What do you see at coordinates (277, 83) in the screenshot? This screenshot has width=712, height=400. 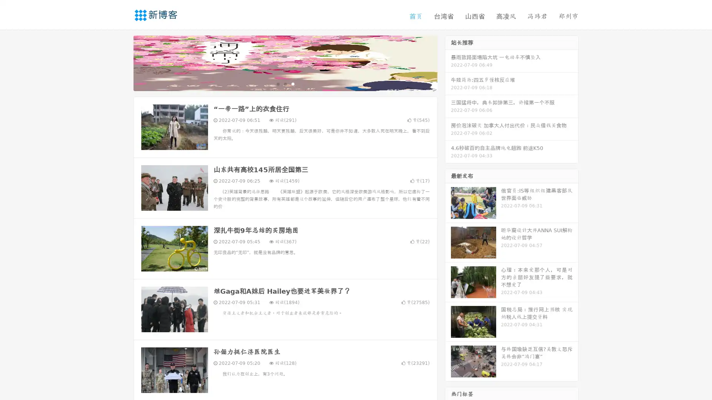 I see `Go to slide 1` at bounding box center [277, 83].